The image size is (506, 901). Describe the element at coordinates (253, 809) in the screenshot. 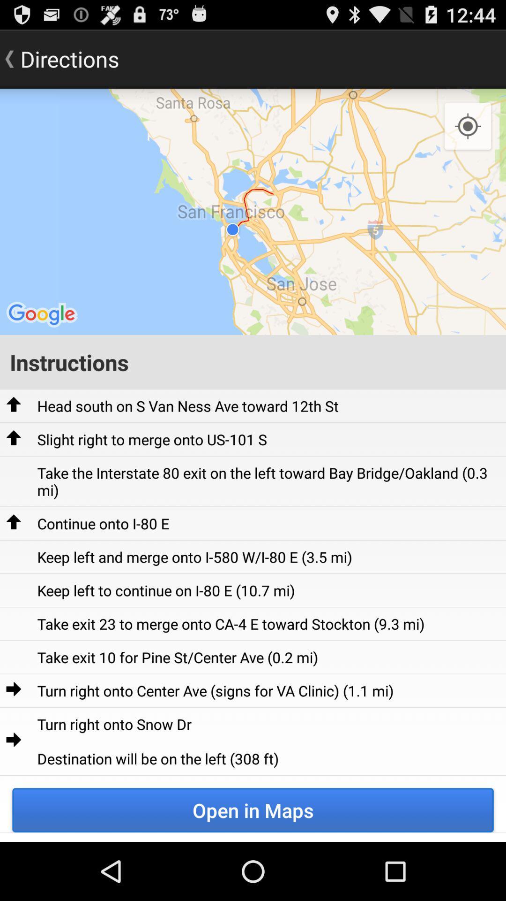

I see `open in maps button` at that location.